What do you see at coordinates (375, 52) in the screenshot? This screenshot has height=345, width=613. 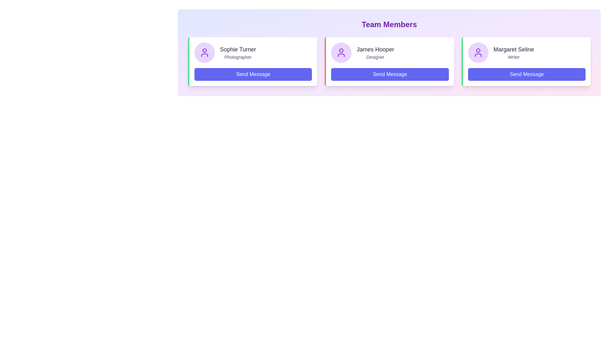 I see `the text display element that shows the team member's name and role, located in the middle team member card` at bounding box center [375, 52].